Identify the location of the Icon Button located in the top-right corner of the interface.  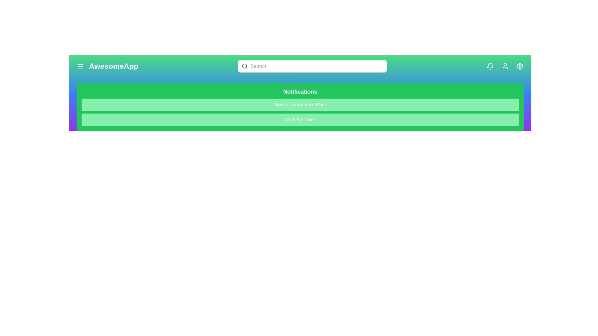
(490, 66).